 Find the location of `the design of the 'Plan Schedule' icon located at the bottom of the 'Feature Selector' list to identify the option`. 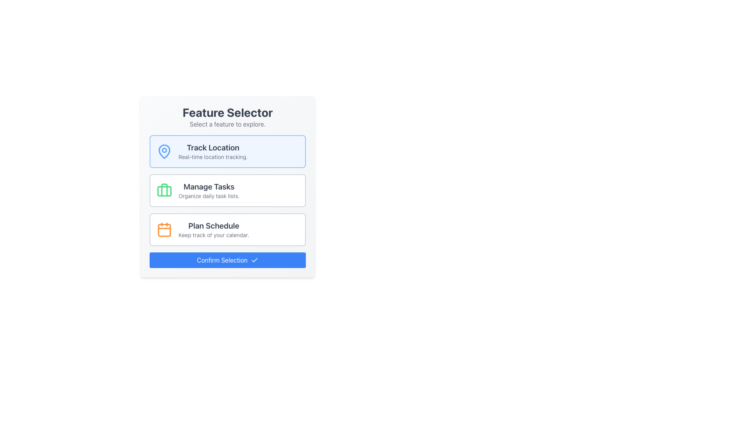

the design of the 'Plan Schedule' icon located at the bottom of the 'Feature Selector' list to identify the option is located at coordinates (164, 229).